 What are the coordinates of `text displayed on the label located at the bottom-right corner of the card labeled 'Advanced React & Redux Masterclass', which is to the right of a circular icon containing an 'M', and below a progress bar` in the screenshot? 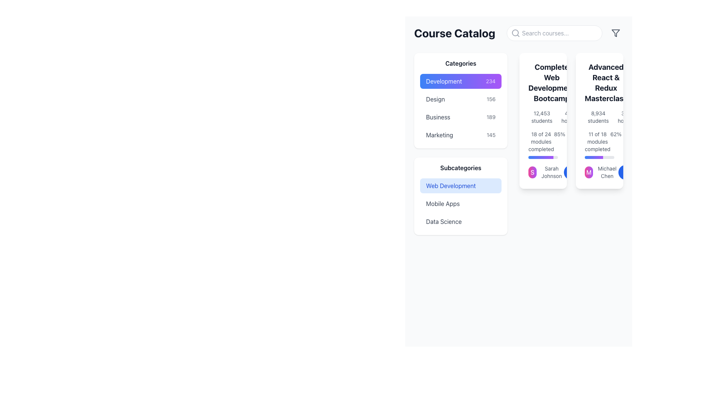 It's located at (607, 172).